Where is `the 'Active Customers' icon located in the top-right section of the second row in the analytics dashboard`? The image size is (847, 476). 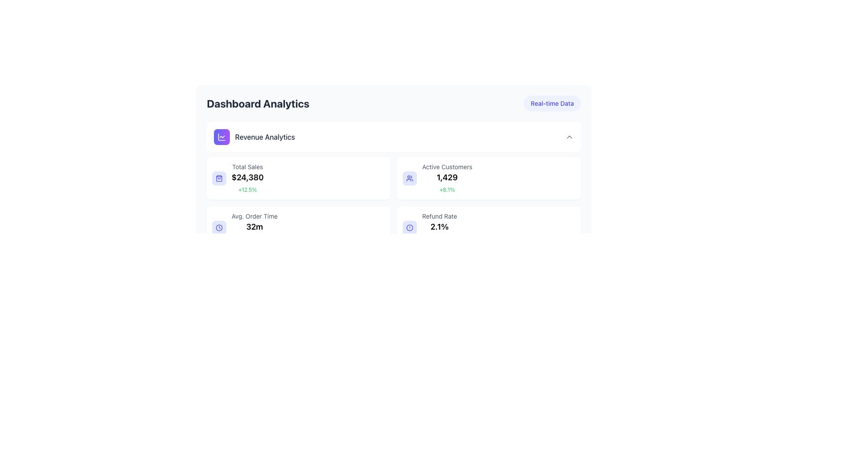
the 'Active Customers' icon located in the top-right section of the second row in the analytics dashboard is located at coordinates (409, 178).